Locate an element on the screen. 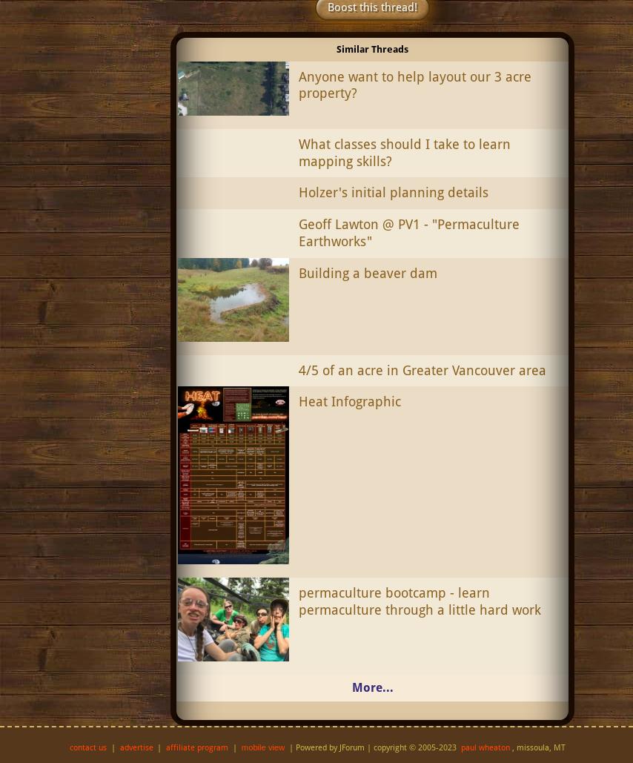  'Anyone want to help layout our 3 acre property?' is located at coordinates (414, 84).